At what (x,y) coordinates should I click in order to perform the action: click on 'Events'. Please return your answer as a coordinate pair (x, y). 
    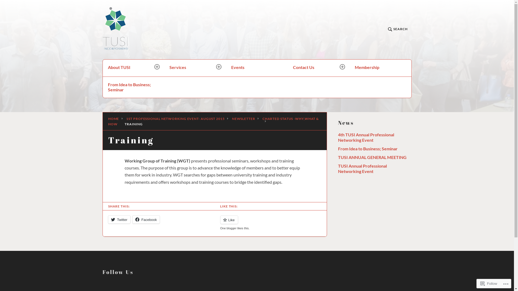
    Looking at the image, I should click on (257, 68).